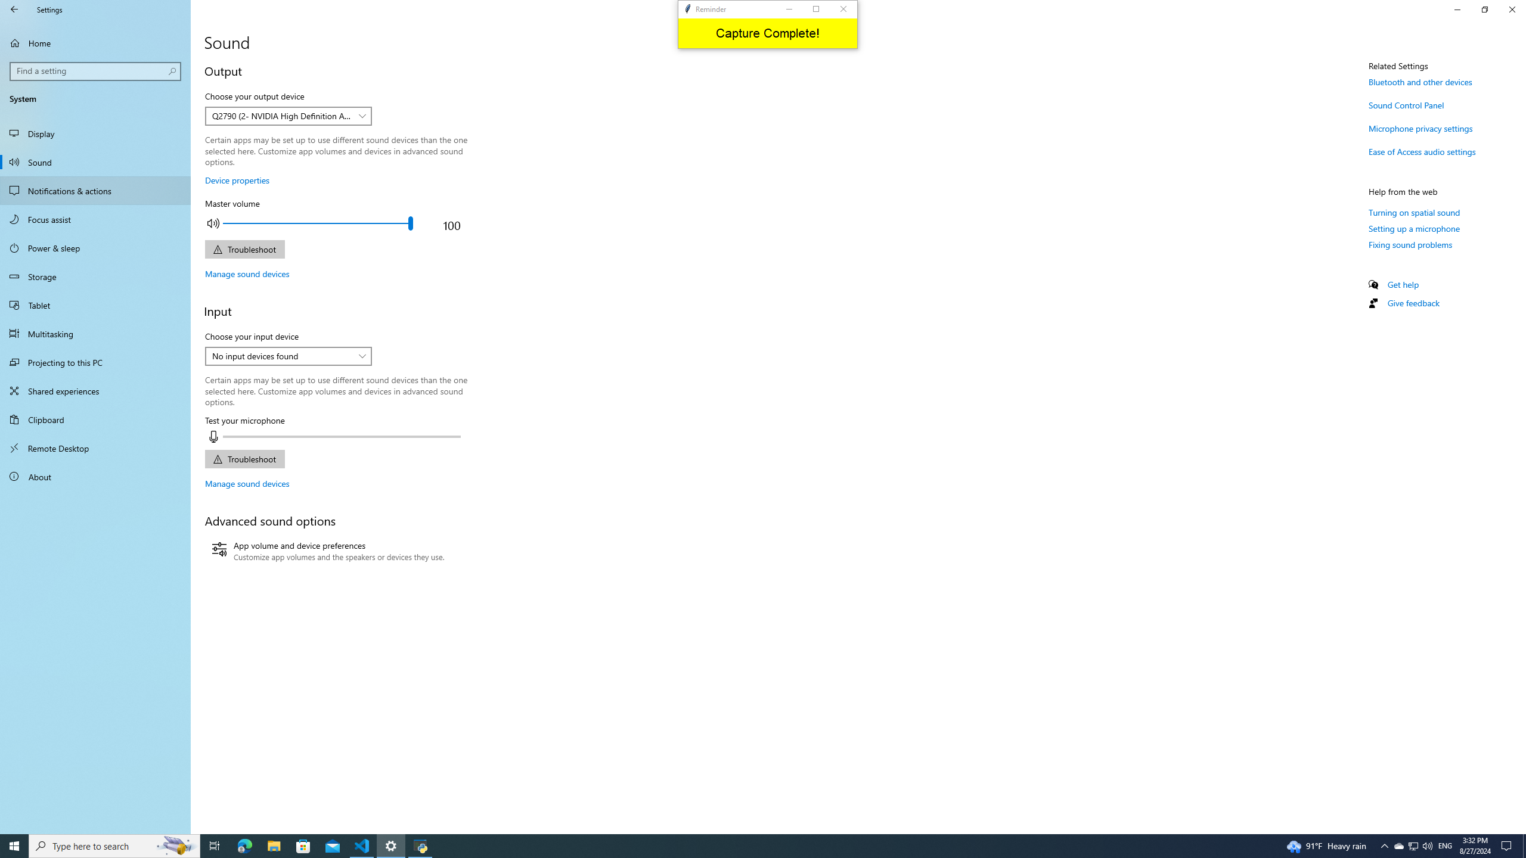 This screenshot has width=1526, height=858. Describe the element at coordinates (95, 190) in the screenshot. I see `'Notifications & actions'` at that location.